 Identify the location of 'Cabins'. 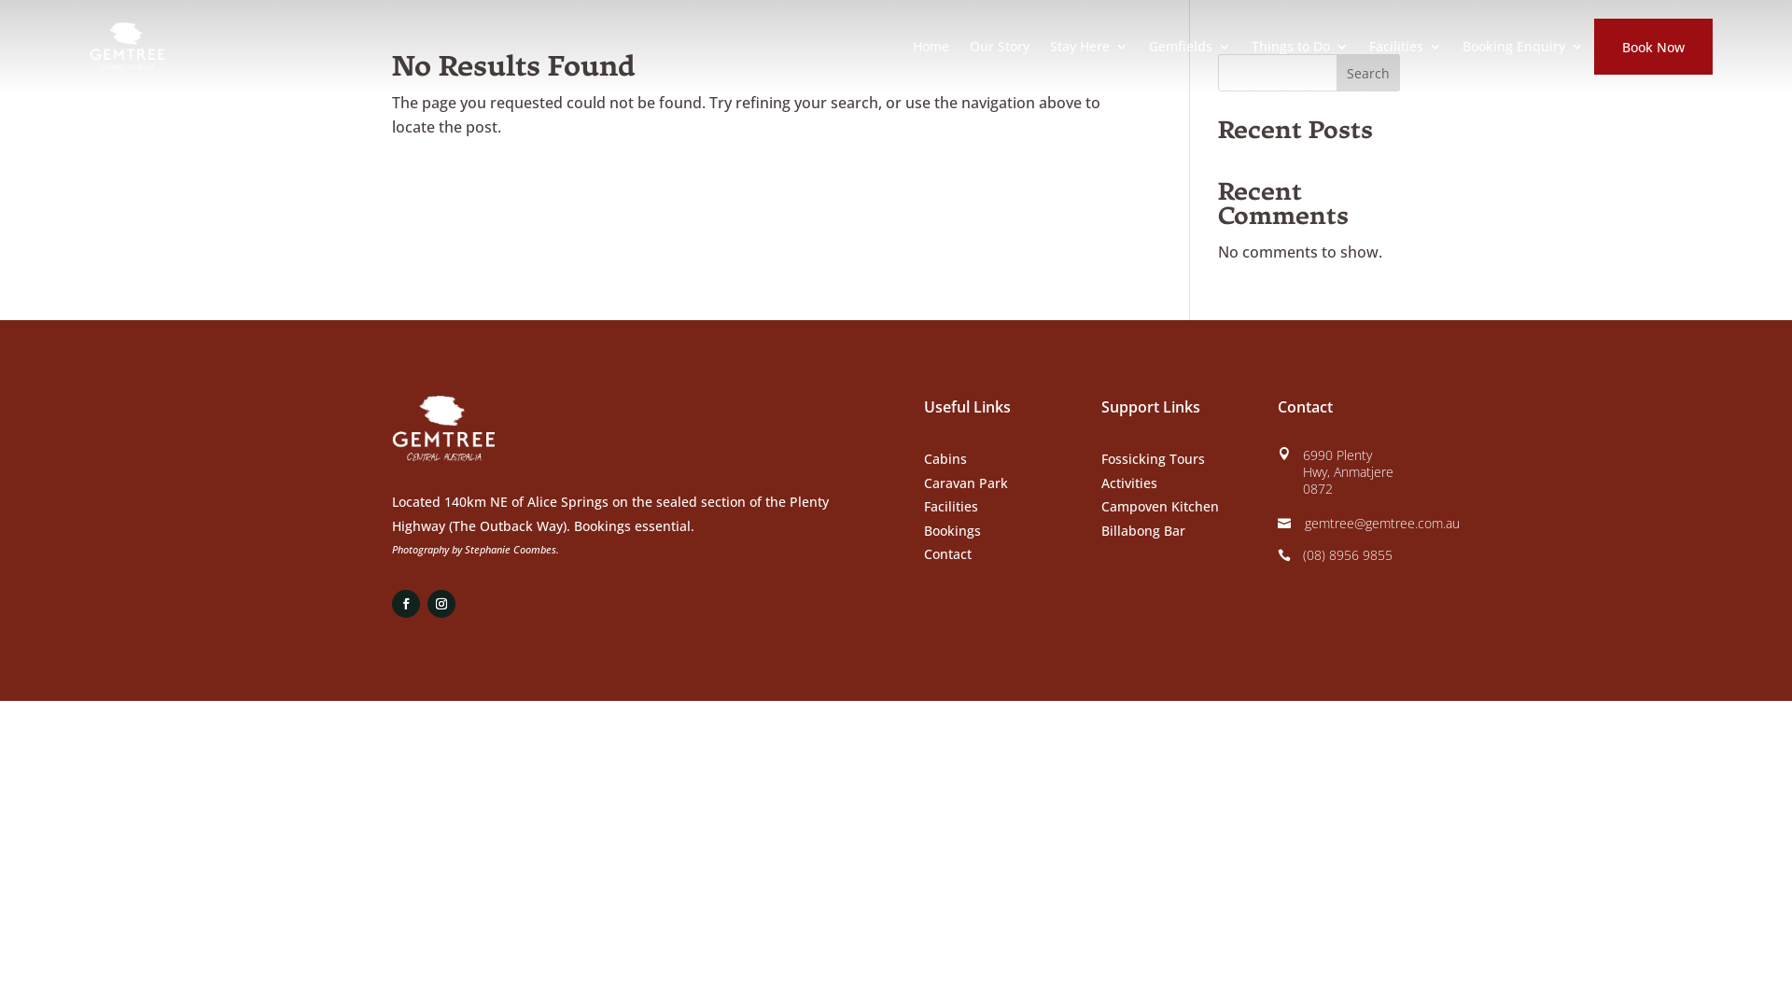
(923, 458).